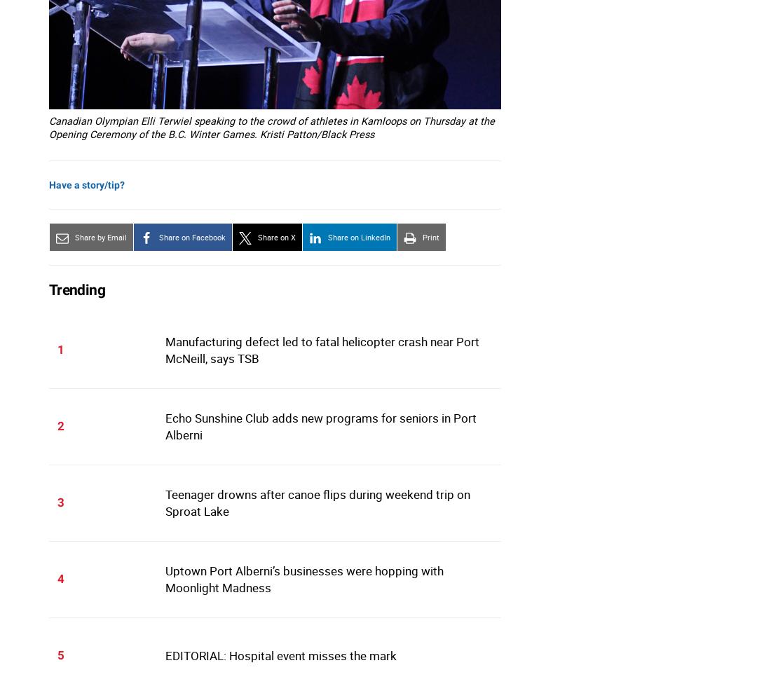 This screenshot has width=771, height=677. Describe the element at coordinates (164, 502) in the screenshot. I see `'Teenager drowns after canoe flips during weekend trip on Sproat Lake'` at that location.